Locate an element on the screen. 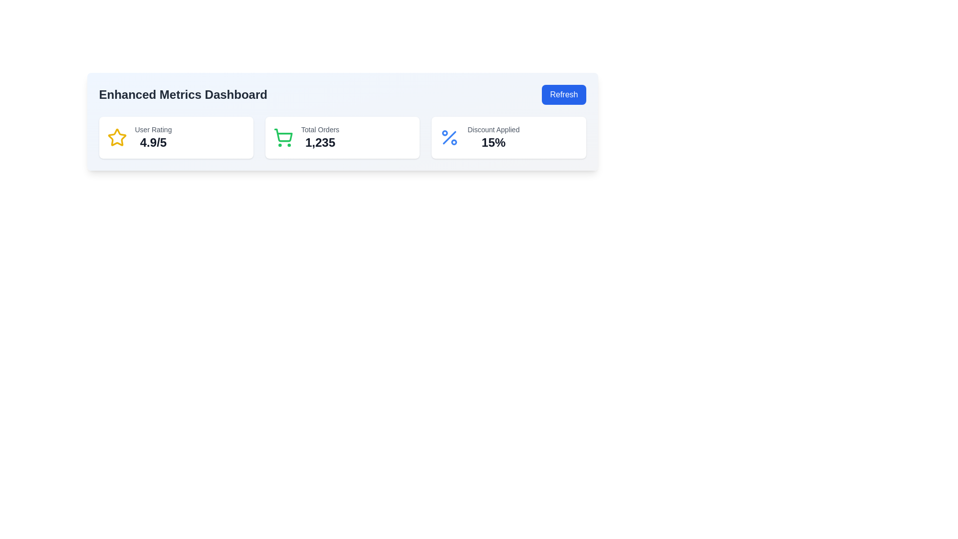  the Static Text Label displaying 'User Rating' which is located at the top-left area within a widget box, directly above the score '4.9/5' is located at coordinates (153, 129).